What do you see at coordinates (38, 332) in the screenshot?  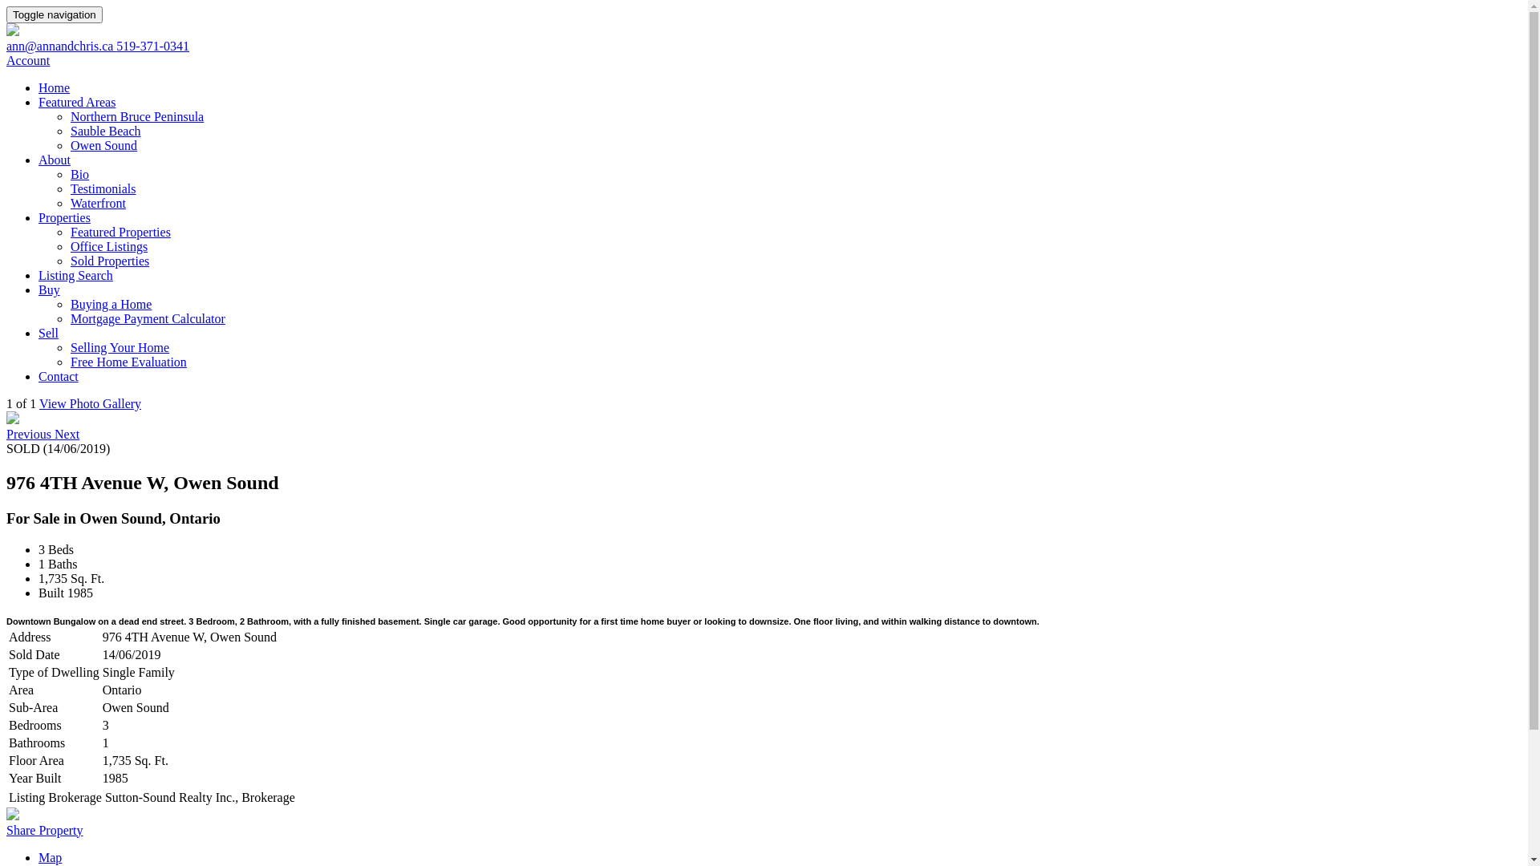 I see `'Sell'` at bounding box center [38, 332].